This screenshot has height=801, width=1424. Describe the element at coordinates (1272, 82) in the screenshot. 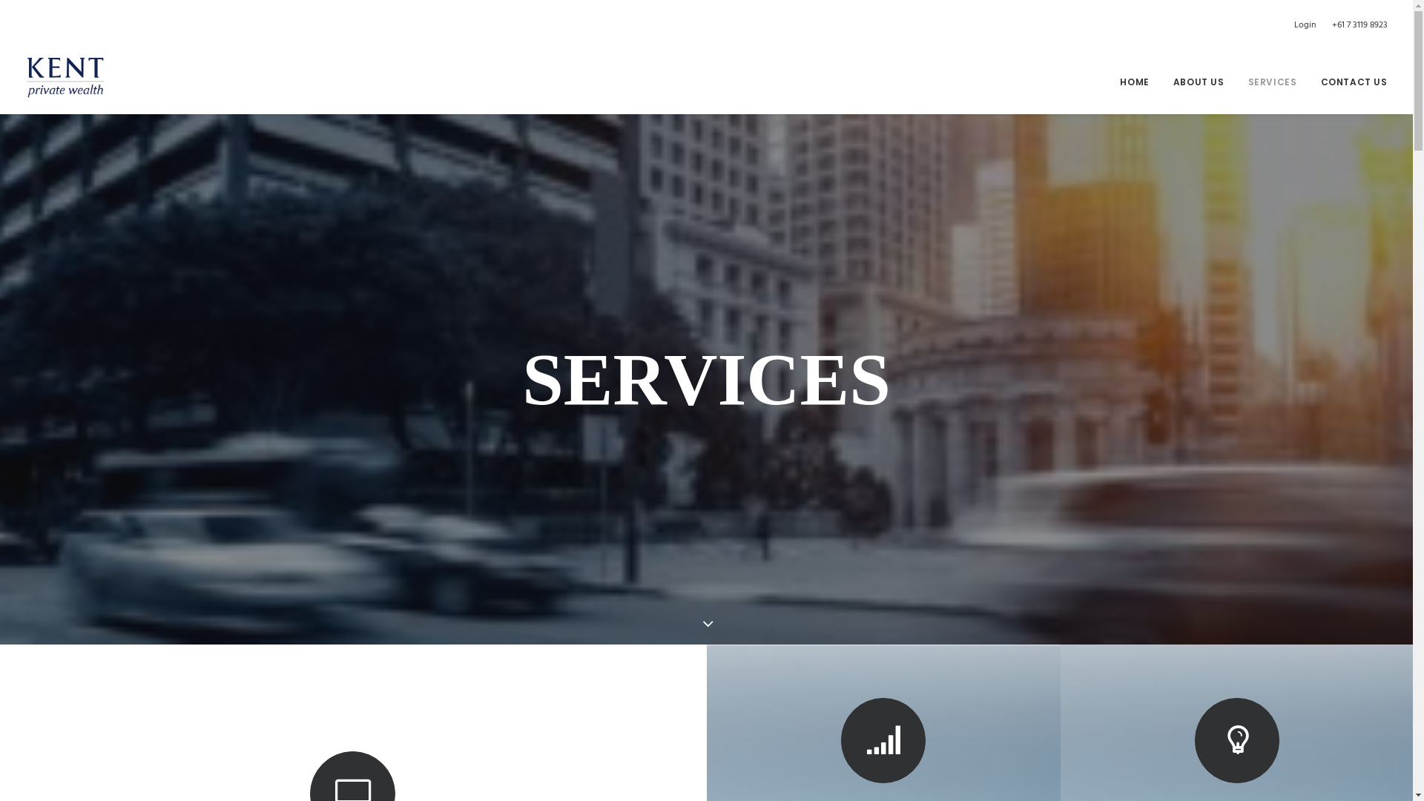

I see `'SERVICES'` at that location.